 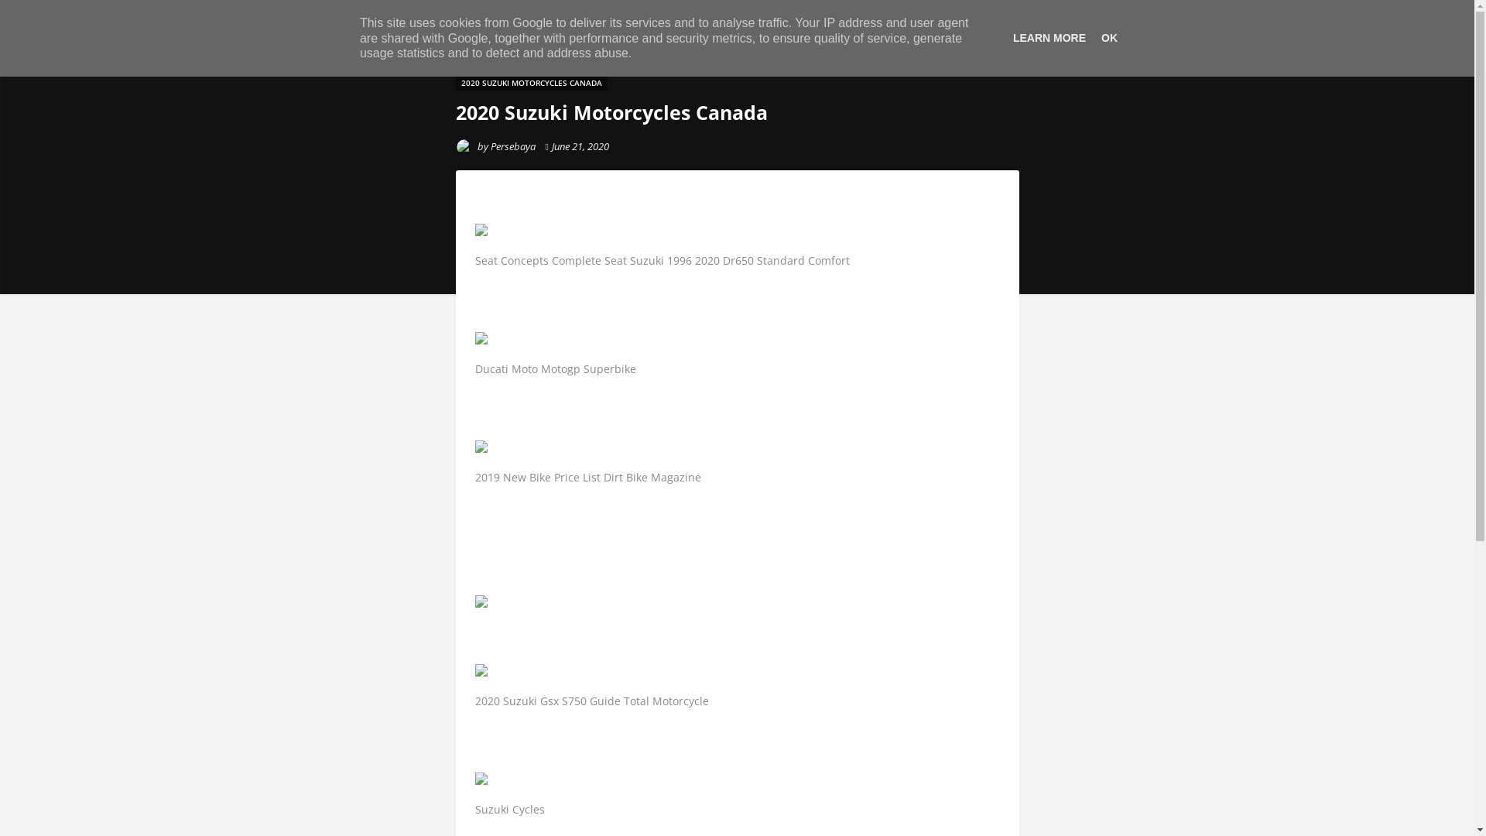 What do you see at coordinates (512, 146) in the screenshot?
I see `'Persebaya'` at bounding box center [512, 146].